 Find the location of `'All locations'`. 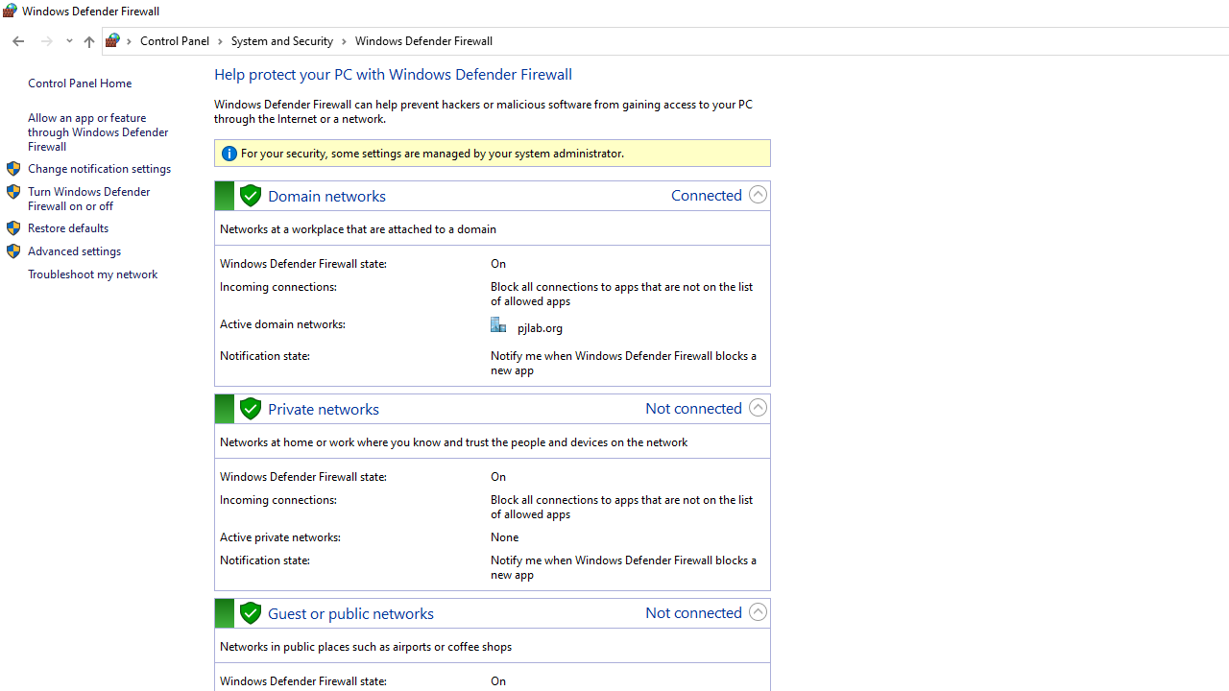

'All locations' is located at coordinates (118, 40).